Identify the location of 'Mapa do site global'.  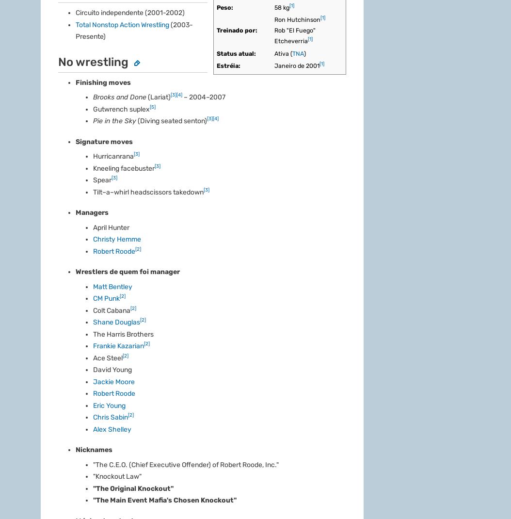
(238, 235).